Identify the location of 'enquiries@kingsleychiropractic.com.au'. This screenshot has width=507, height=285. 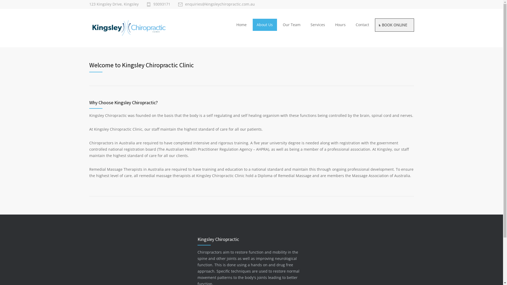
(216, 4).